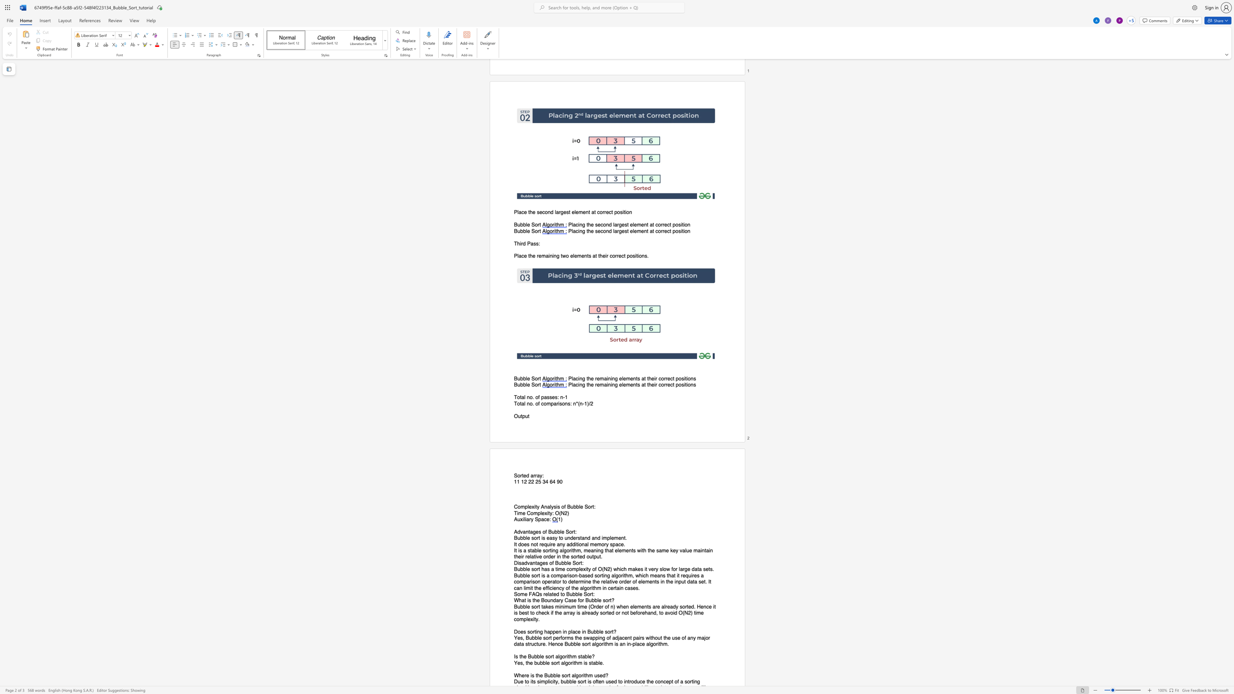 Image resolution: width=1234 pixels, height=694 pixels. What do you see at coordinates (551, 675) in the screenshot?
I see `the 1th character "b" in the text` at bounding box center [551, 675].